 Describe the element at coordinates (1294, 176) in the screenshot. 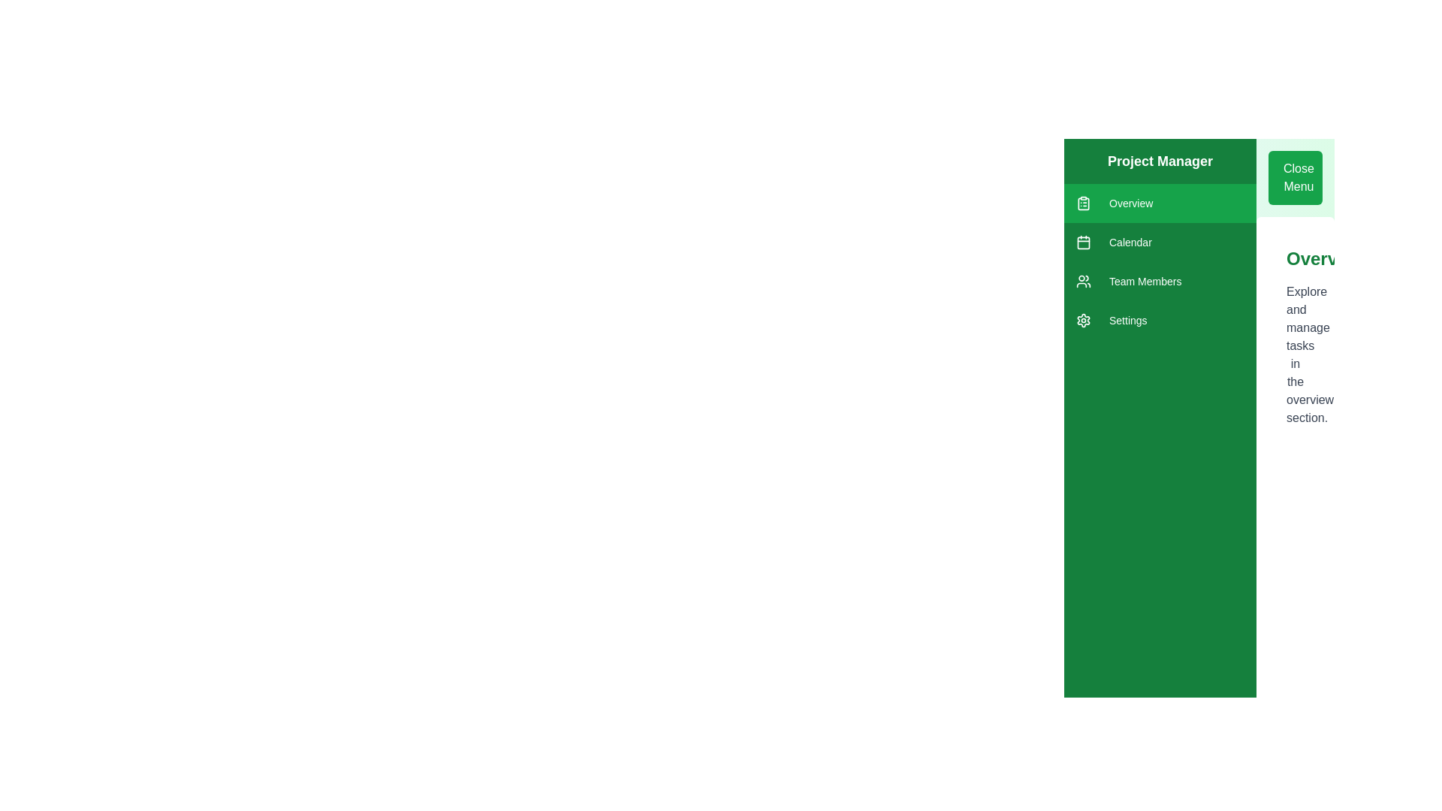

I see `'Close Menu' button to toggle the menu drawer closed` at that location.